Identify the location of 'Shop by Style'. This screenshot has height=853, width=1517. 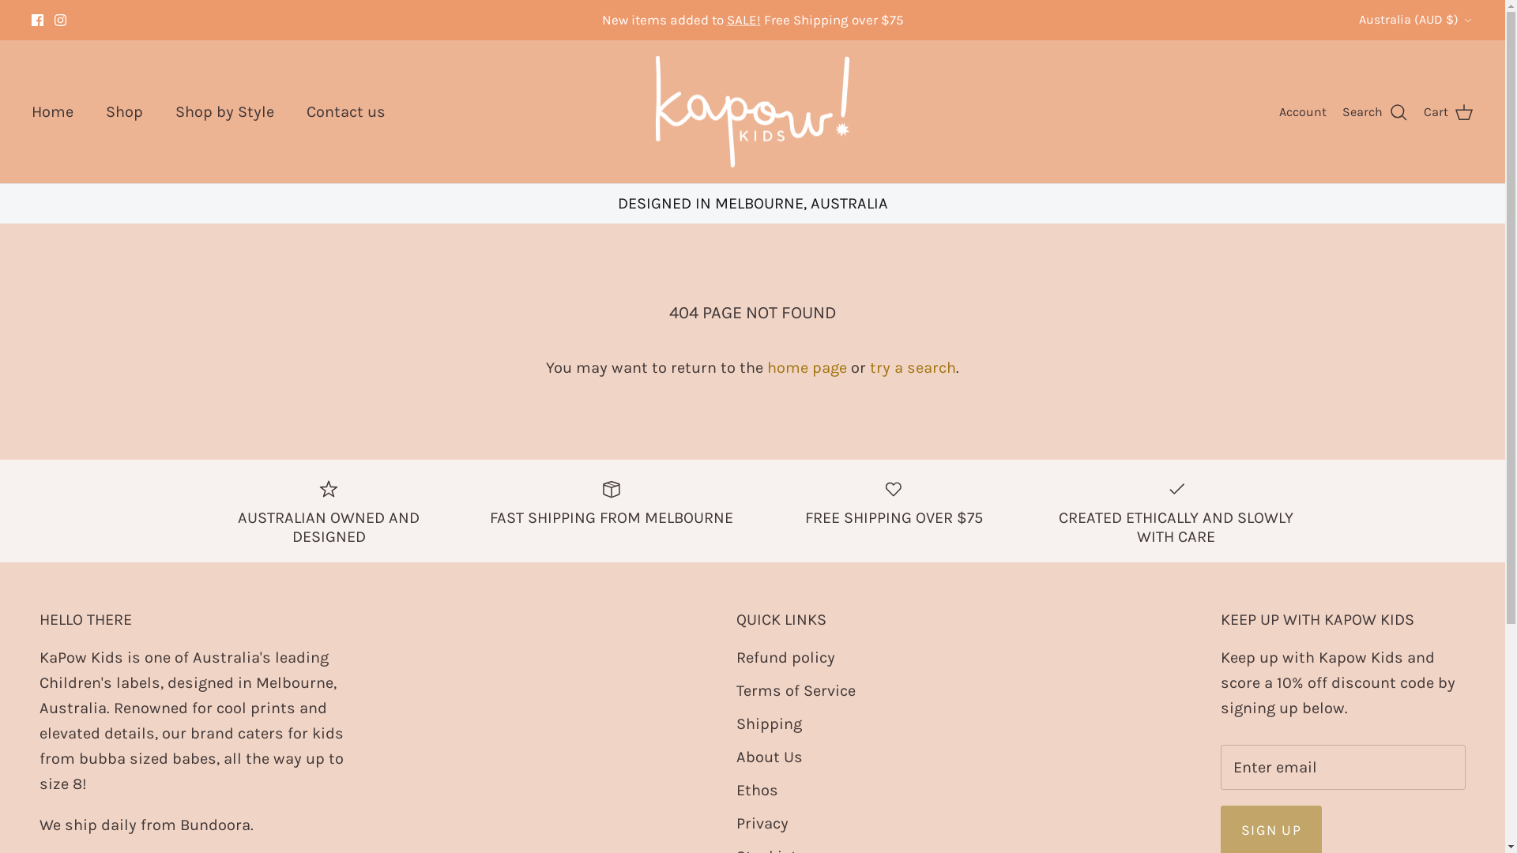
(224, 111).